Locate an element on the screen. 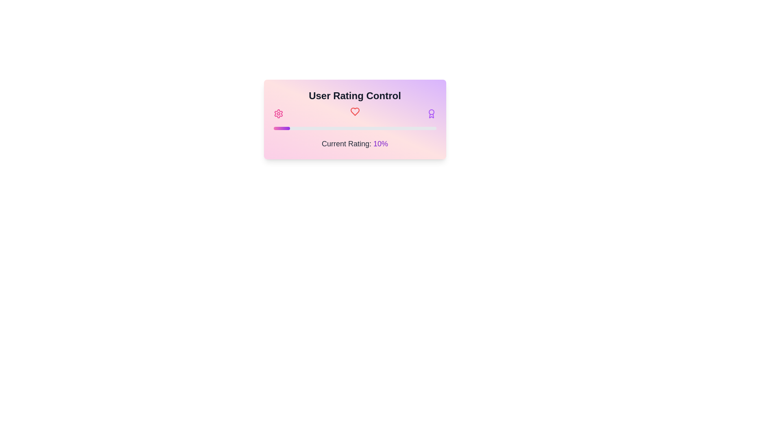  the heart icon located in the card interface below the 'User Rating Control' title is located at coordinates (355, 113).